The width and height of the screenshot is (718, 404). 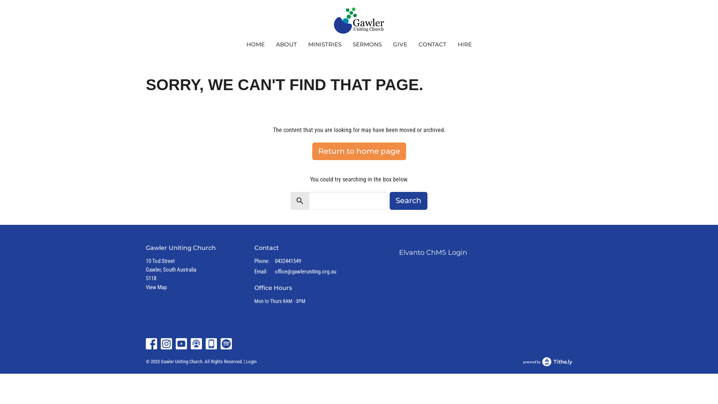 What do you see at coordinates (312, 151) in the screenshot?
I see `'Return to home page'` at bounding box center [312, 151].